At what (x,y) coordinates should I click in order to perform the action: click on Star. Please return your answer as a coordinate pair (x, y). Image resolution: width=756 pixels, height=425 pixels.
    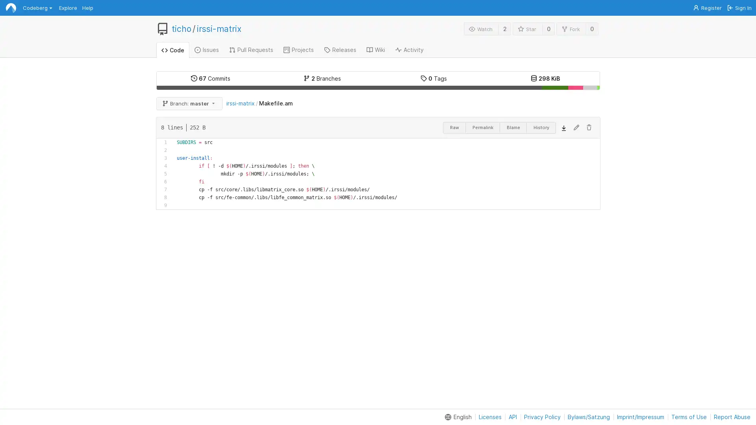
    Looking at the image, I should click on (527, 28).